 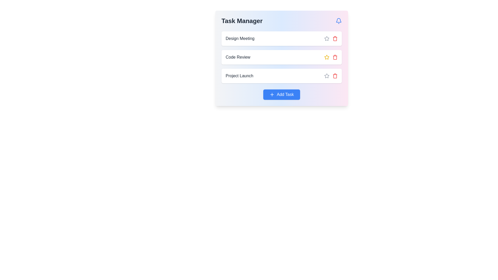 I want to click on the notification bell icon located, so click(x=338, y=21).